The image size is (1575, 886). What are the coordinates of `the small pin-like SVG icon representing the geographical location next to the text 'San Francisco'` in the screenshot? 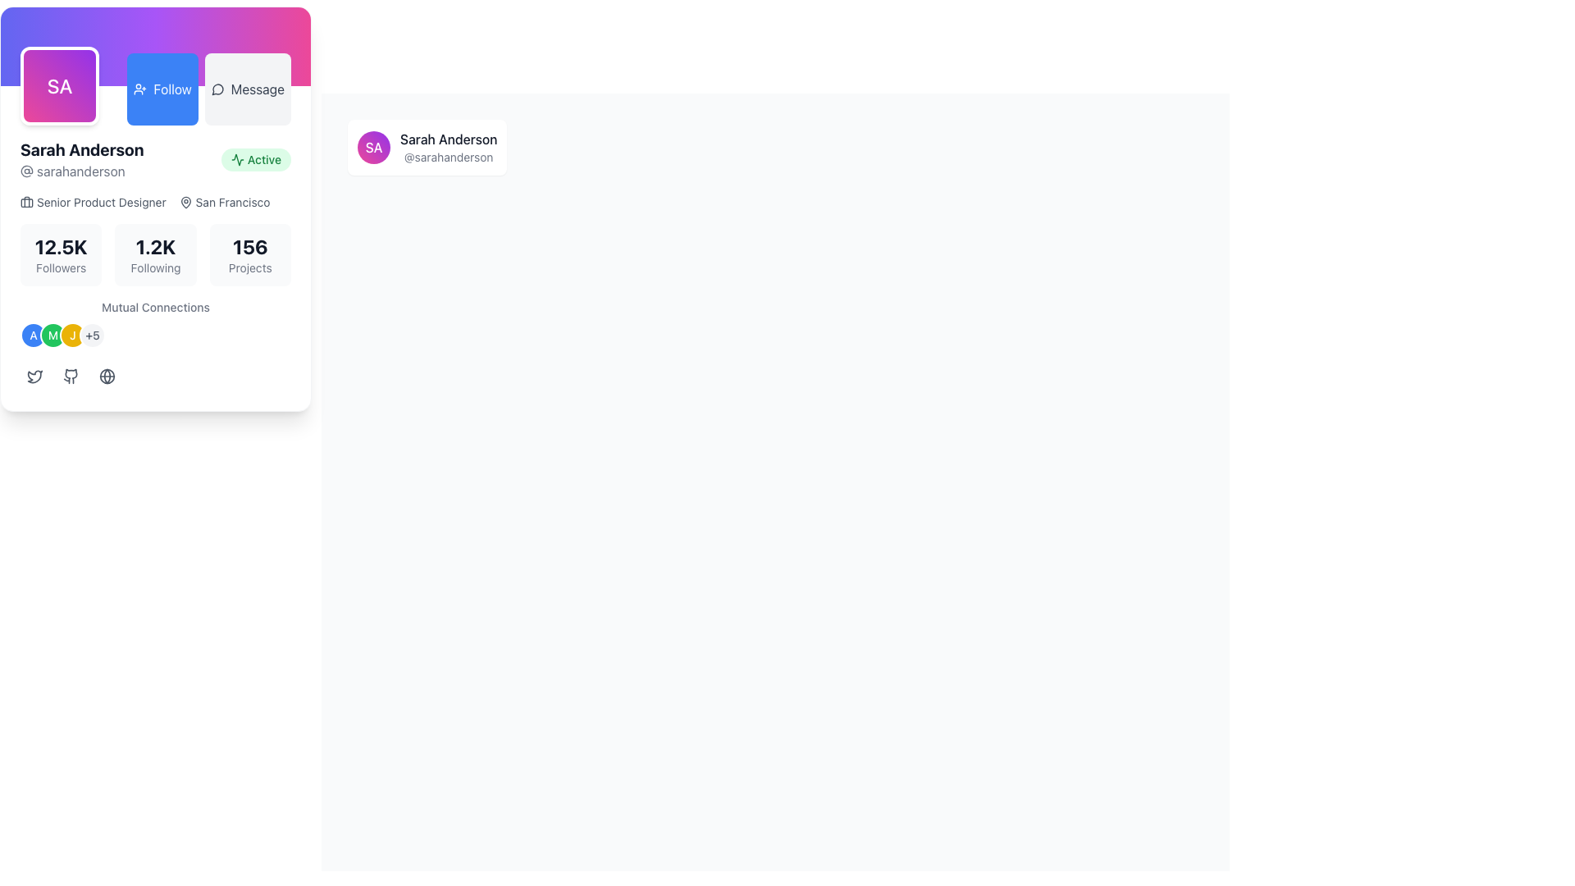 It's located at (185, 201).